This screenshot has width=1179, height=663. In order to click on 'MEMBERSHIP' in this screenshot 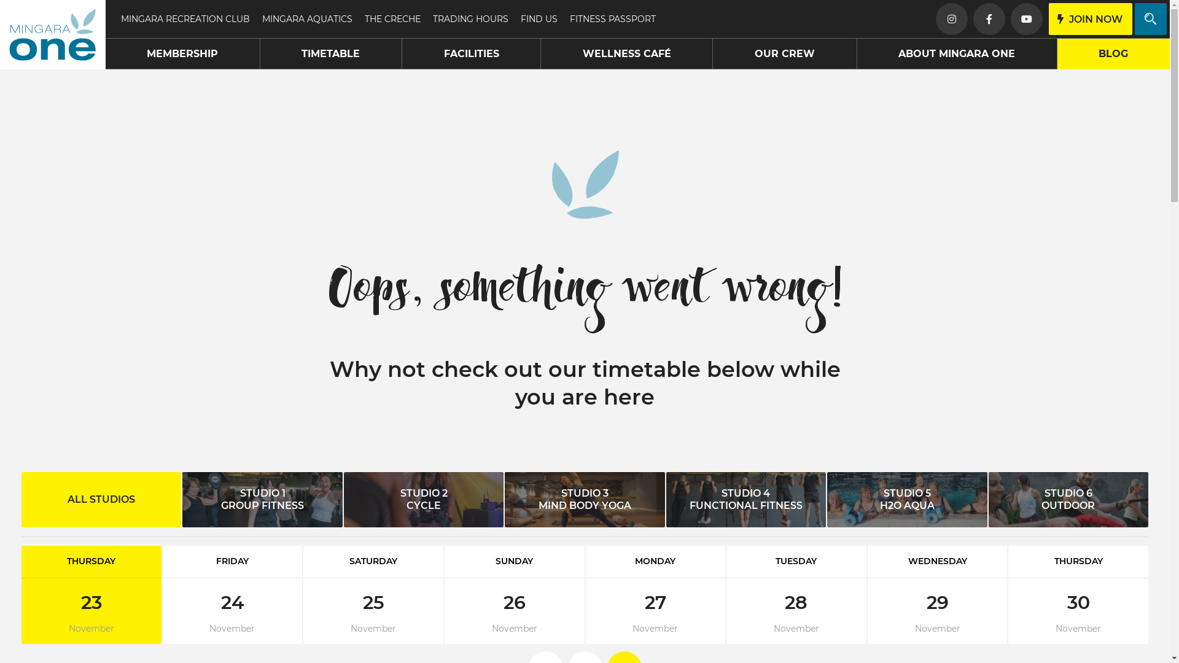, I will do `click(182, 53)`.